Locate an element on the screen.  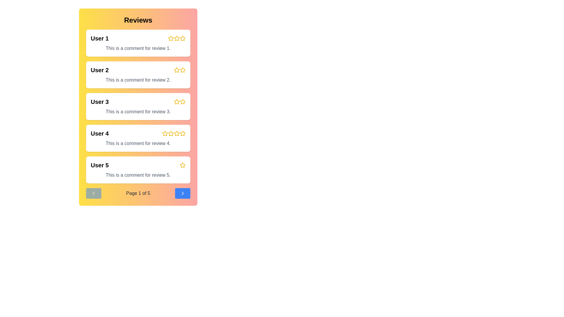
the right-pointing chevron arrow icon located at the center of the blue rectangular button in the bottom-right corner of the layout is located at coordinates (182, 193).